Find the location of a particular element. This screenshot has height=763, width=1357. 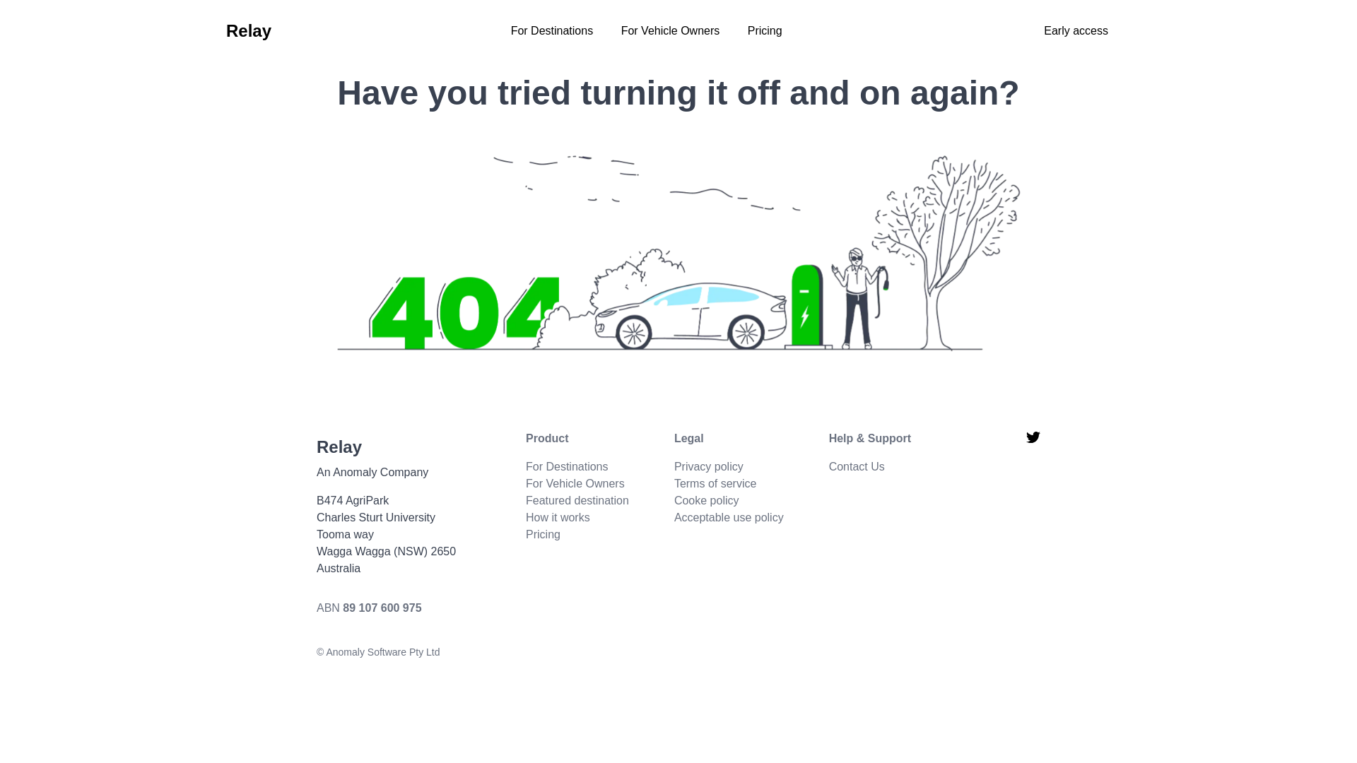

'Pricing' is located at coordinates (746, 30).